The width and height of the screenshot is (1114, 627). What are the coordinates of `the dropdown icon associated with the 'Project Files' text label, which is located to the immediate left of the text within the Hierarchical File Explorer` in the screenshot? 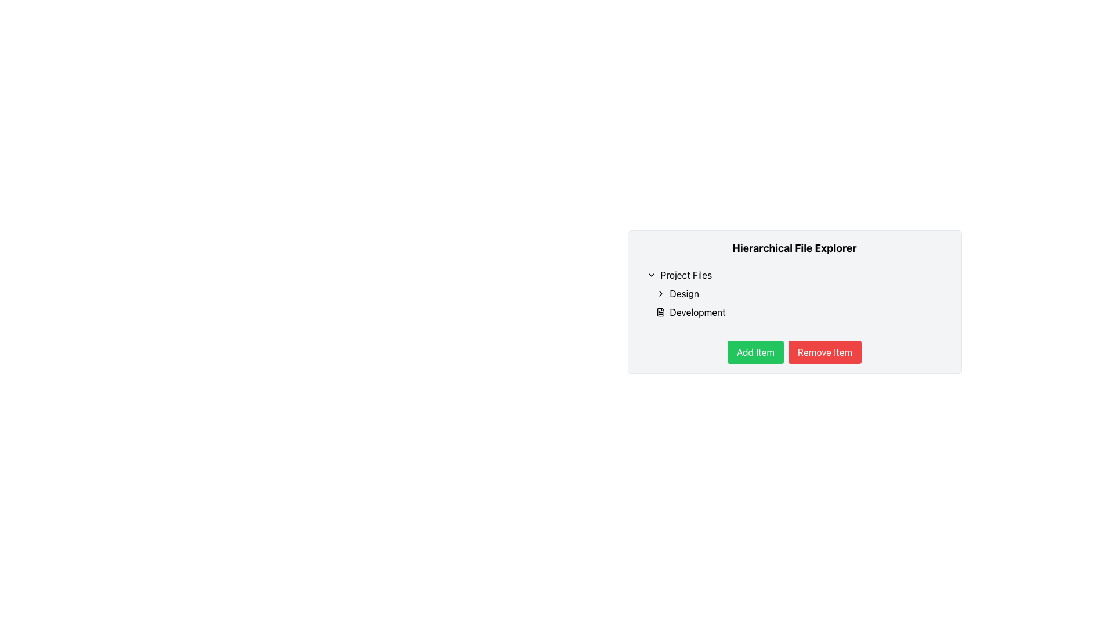 It's located at (686, 275).